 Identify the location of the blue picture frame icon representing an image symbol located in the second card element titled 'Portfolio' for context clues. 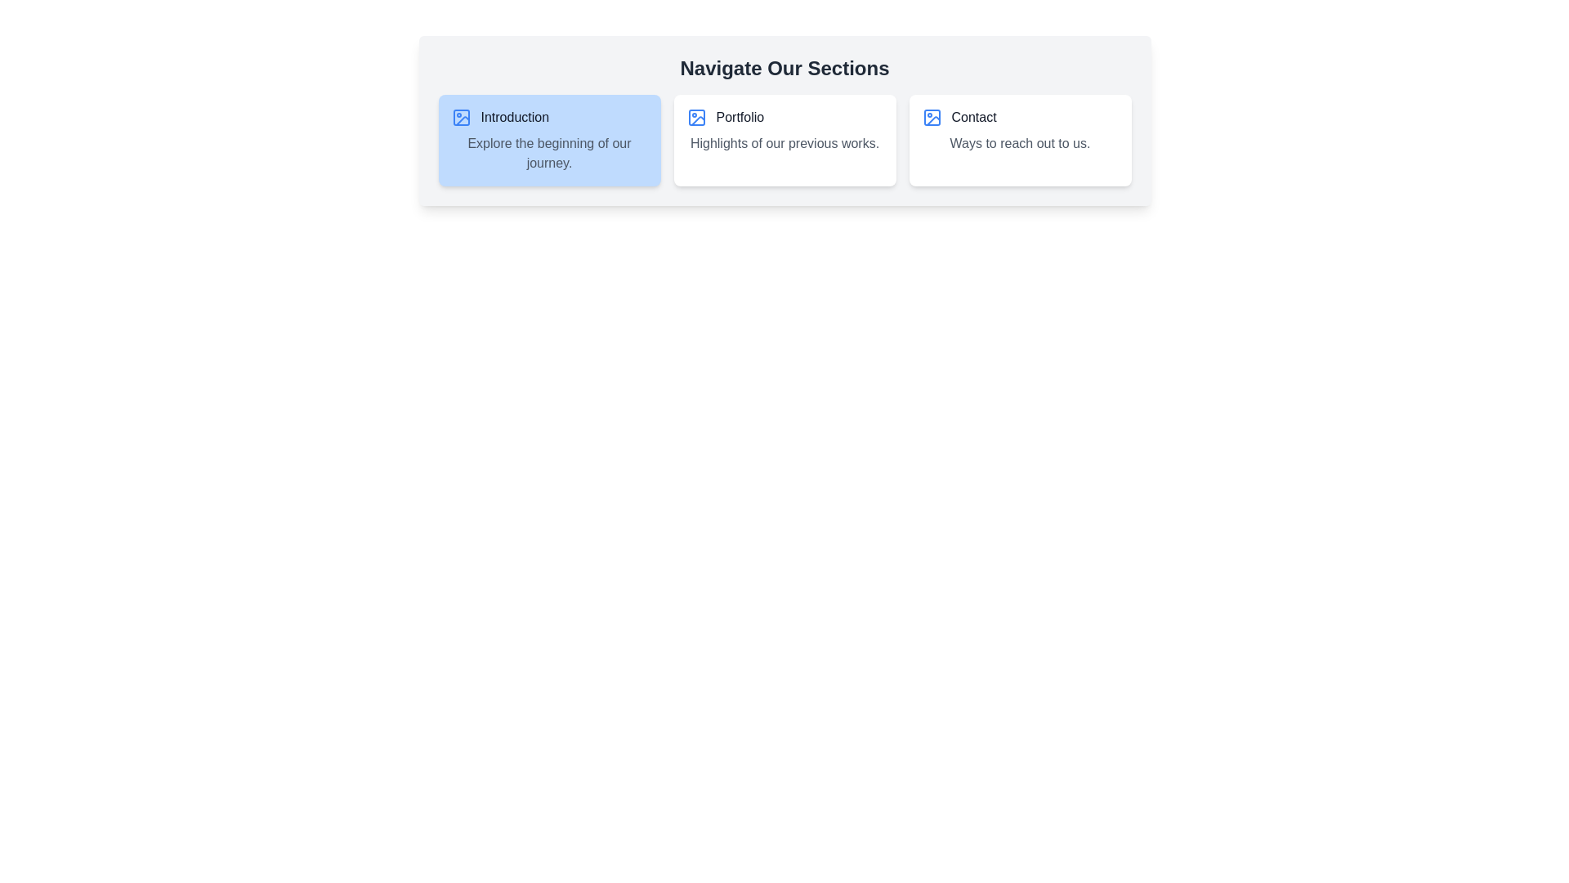
(696, 116).